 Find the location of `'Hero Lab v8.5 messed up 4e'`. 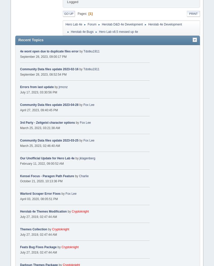

'Hero Lab v8.5 messed up 4e' is located at coordinates (99, 31).